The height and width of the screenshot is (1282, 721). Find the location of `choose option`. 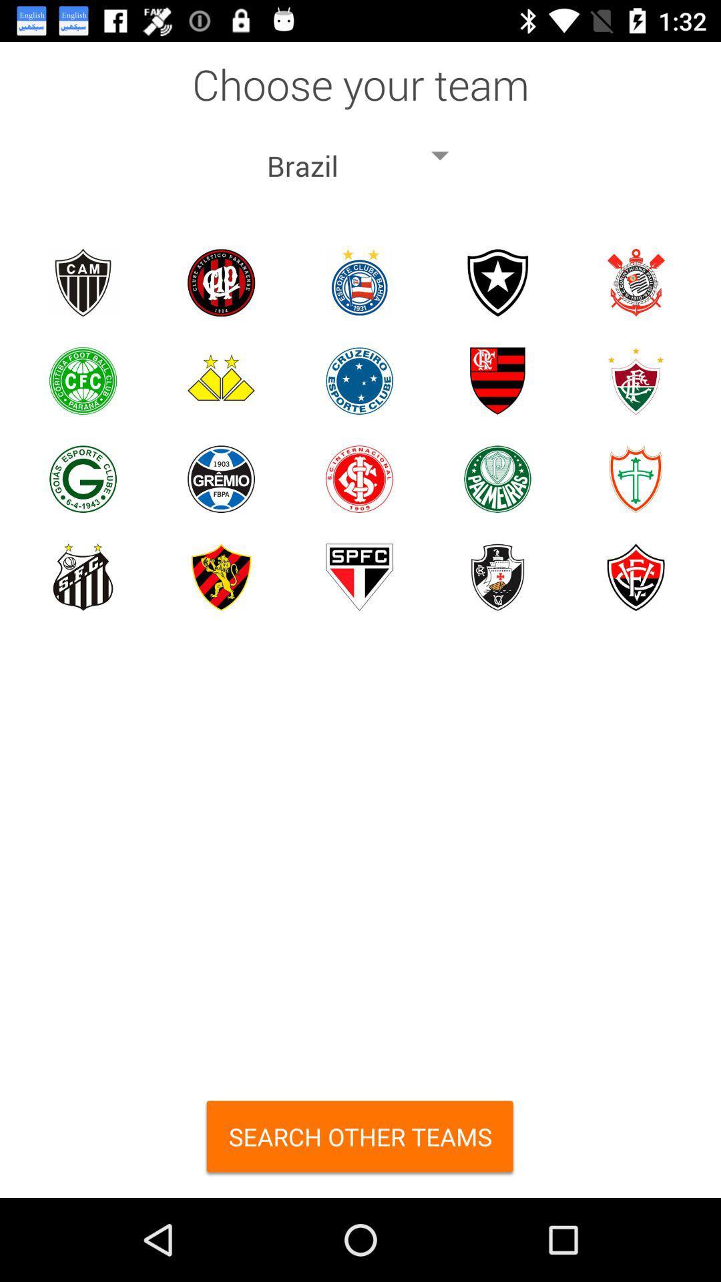

choose option is located at coordinates (83, 282).